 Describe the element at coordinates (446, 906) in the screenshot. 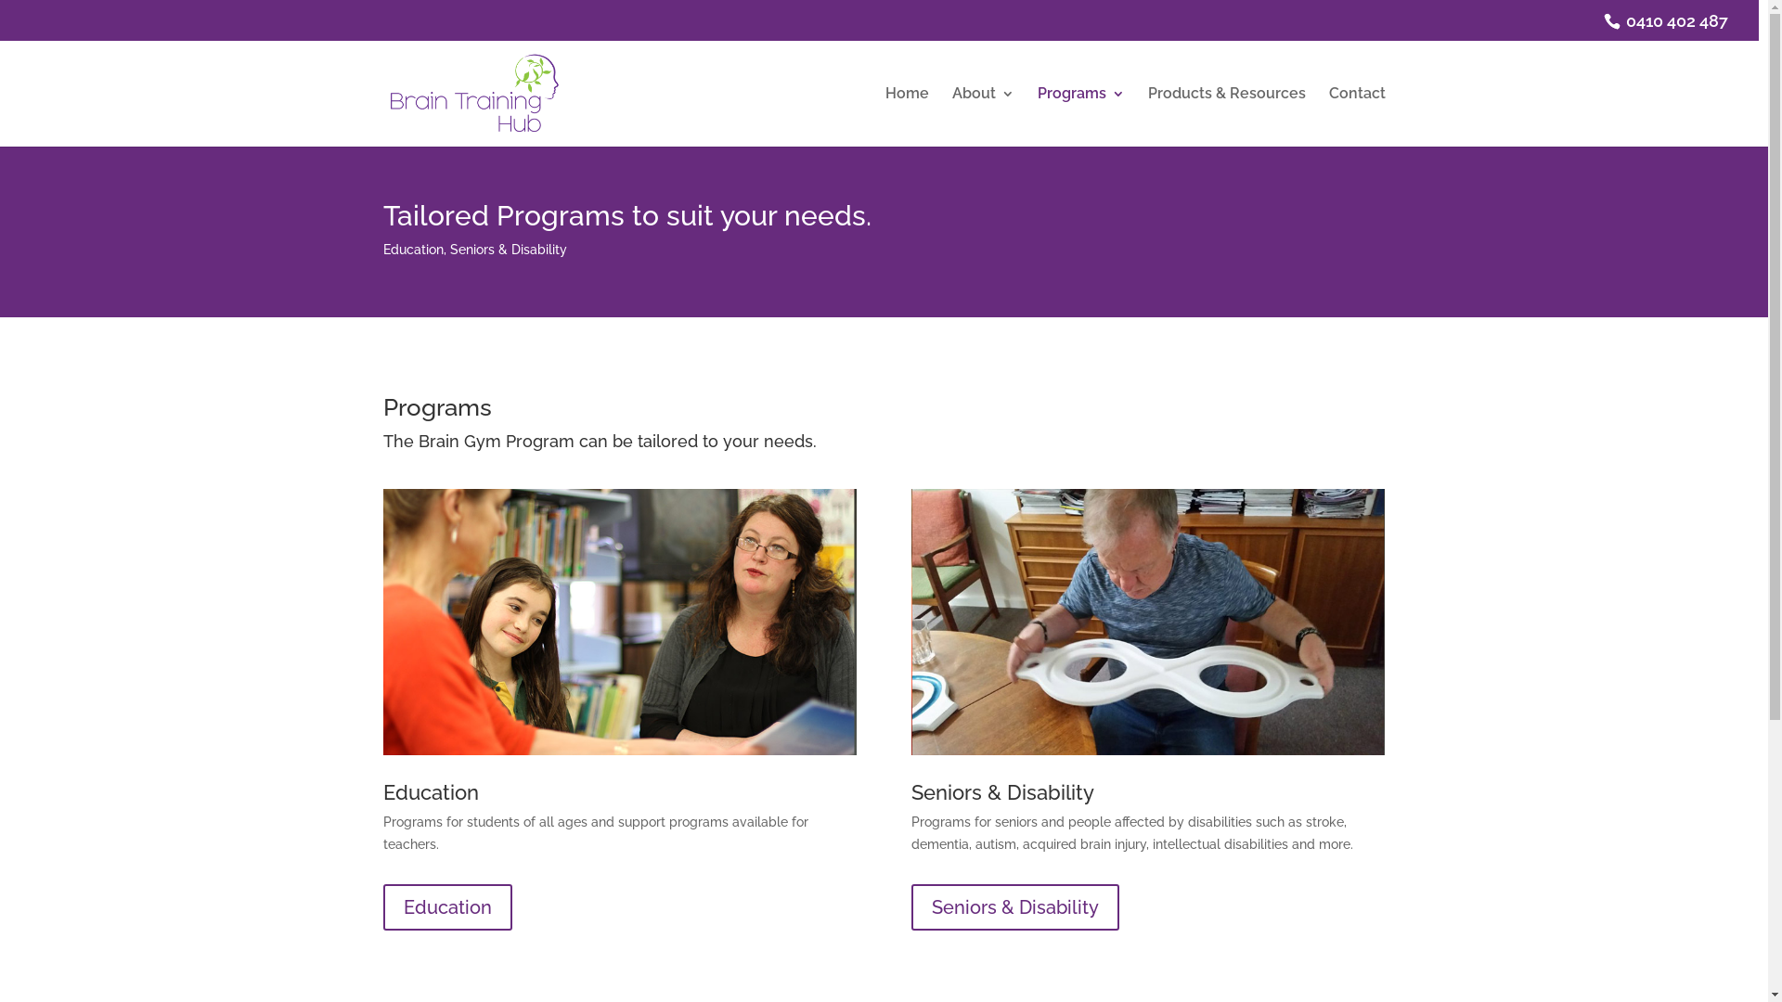

I see `'Education'` at that location.